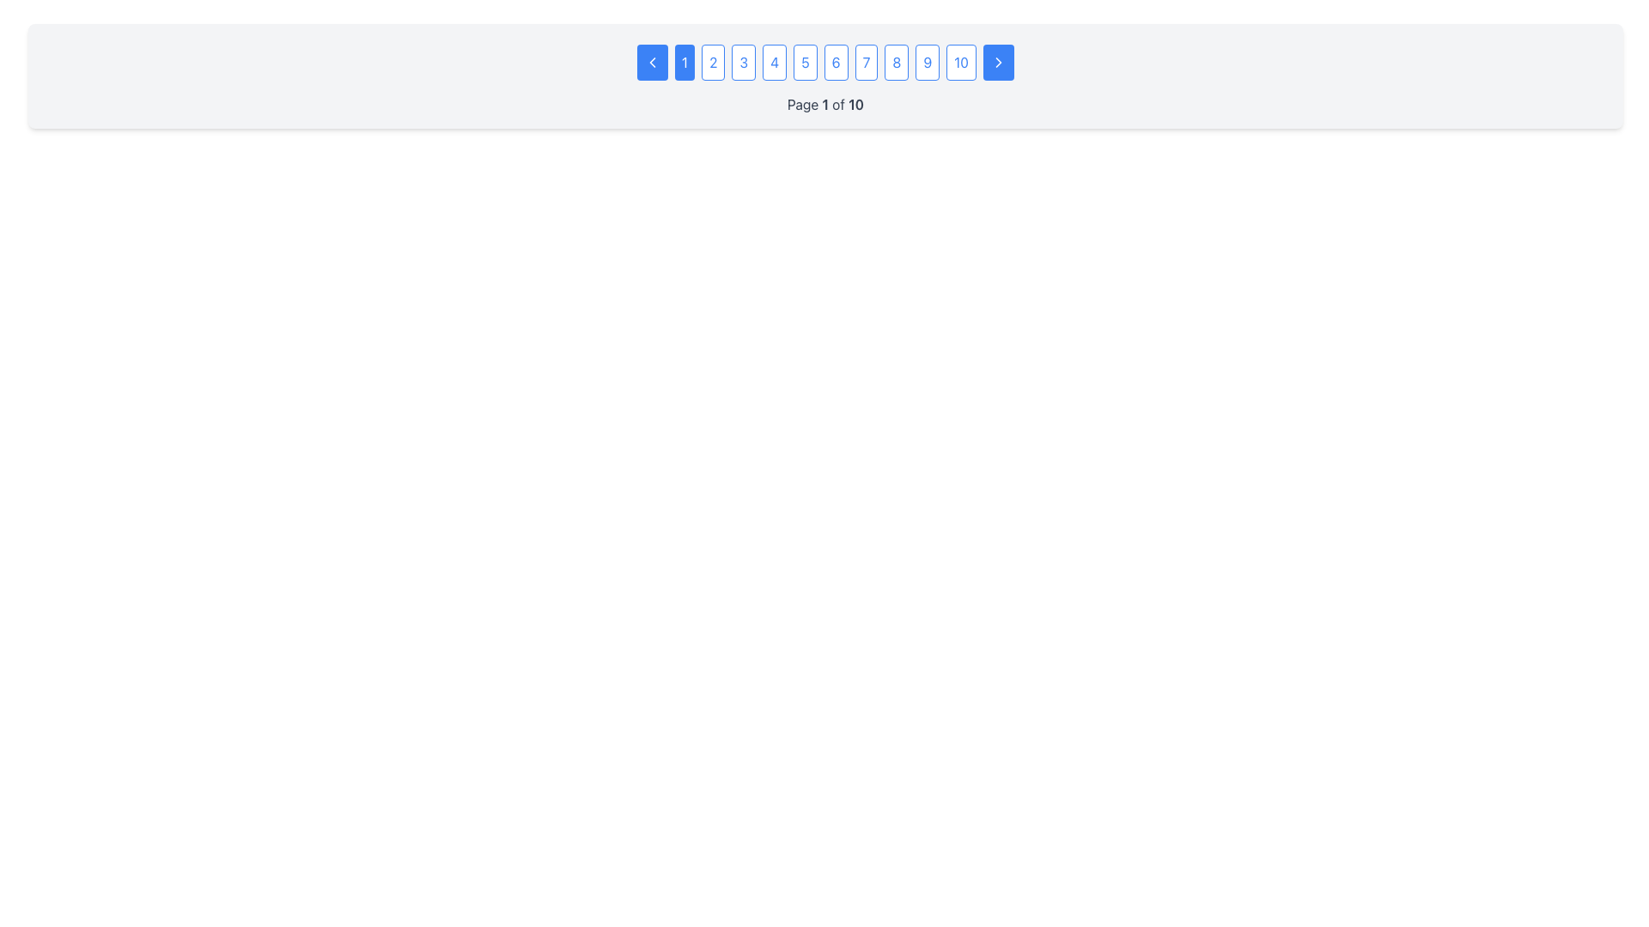  Describe the element at coordinates (713, 62) in the screenshot. I see `the pagination button that navigates to page 2, located between buttons labeled '1' and '3'` at that location.